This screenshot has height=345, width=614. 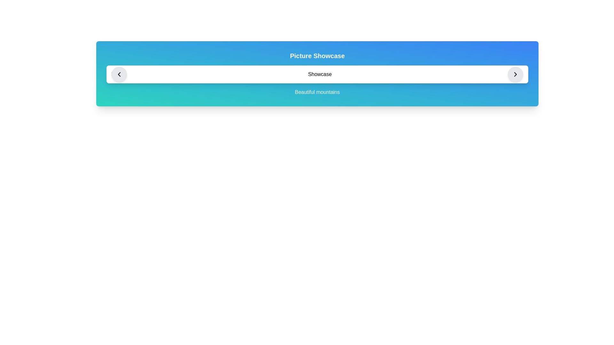 I want to click on the SVG Chevron icon located inside the circular button on the far right of the horizontal bar, so click(x=516, y=74).